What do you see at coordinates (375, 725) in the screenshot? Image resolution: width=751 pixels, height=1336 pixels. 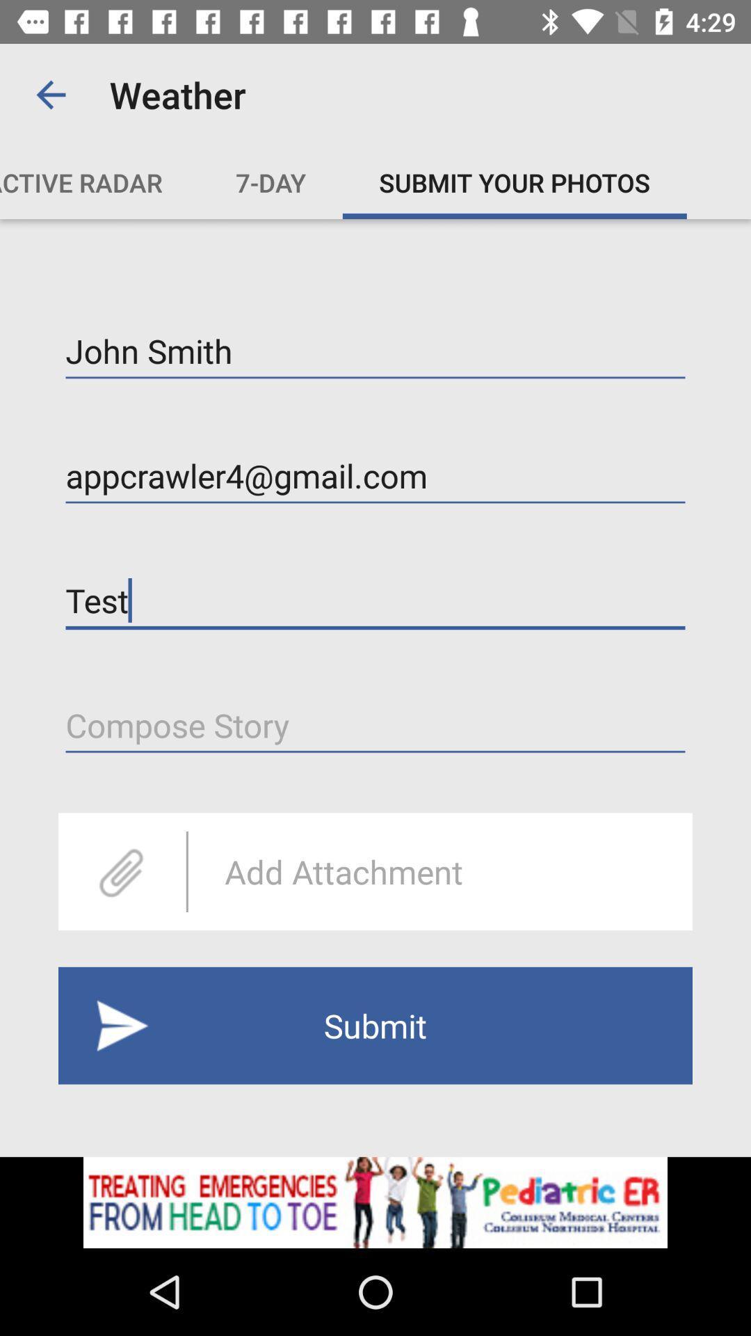 I see `compose story` at bounding box center [375, 725].